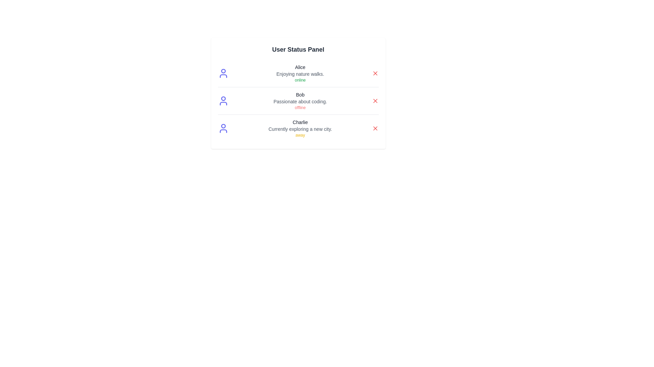  Describe the element at coordinates (300, 94) in the screenshot. I see `the static text element displaying 'Bob', which is medium-sized, slightly bold, and dark gray, located above the 'Passionate about coding.' text` at that location.